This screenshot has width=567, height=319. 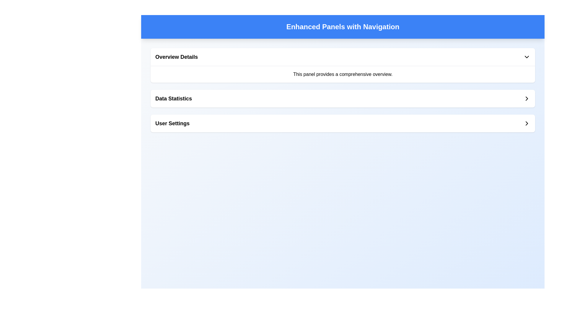 I want to click on the 'User Settings' panel, which is a horizontal panel with rounded corners and a white background, so click(x=343, y=123).